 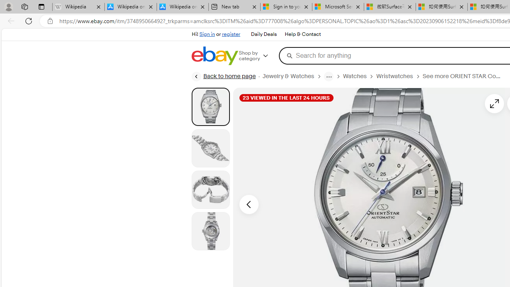 What do you see at coordinates (210, 189) in the screenshot?
I see `'Picture 3 of 4'` at bounding box center [210, 189].